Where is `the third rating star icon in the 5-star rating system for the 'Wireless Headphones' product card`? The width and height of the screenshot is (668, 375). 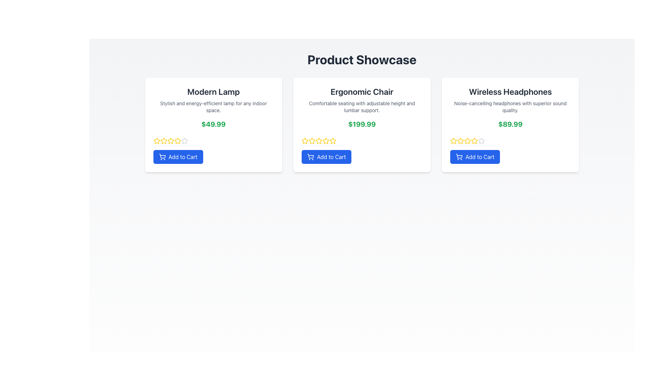
the third rating star icon in the 5-star rating system for the 'Wireless Headphones' product card is located at coordinates (474, 141).